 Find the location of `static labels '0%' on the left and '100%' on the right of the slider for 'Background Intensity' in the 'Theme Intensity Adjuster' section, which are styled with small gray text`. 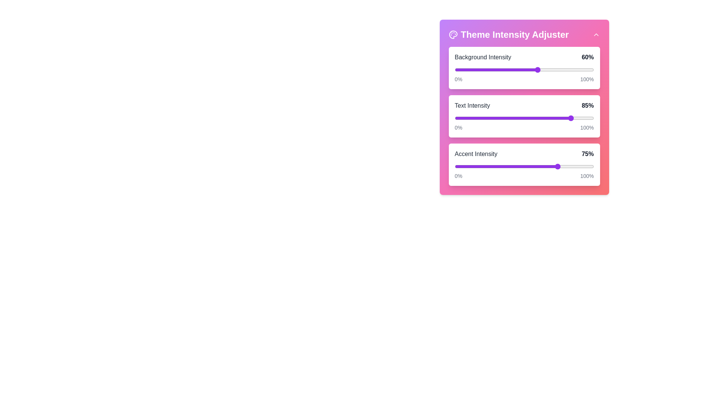

static labels '0%' on the left and '100%' on the right of the slider for 'Background Intensity' in the 'Theme Intensity Adjuster' section, which are styled with small gray text is located at coordinates (524, 79).